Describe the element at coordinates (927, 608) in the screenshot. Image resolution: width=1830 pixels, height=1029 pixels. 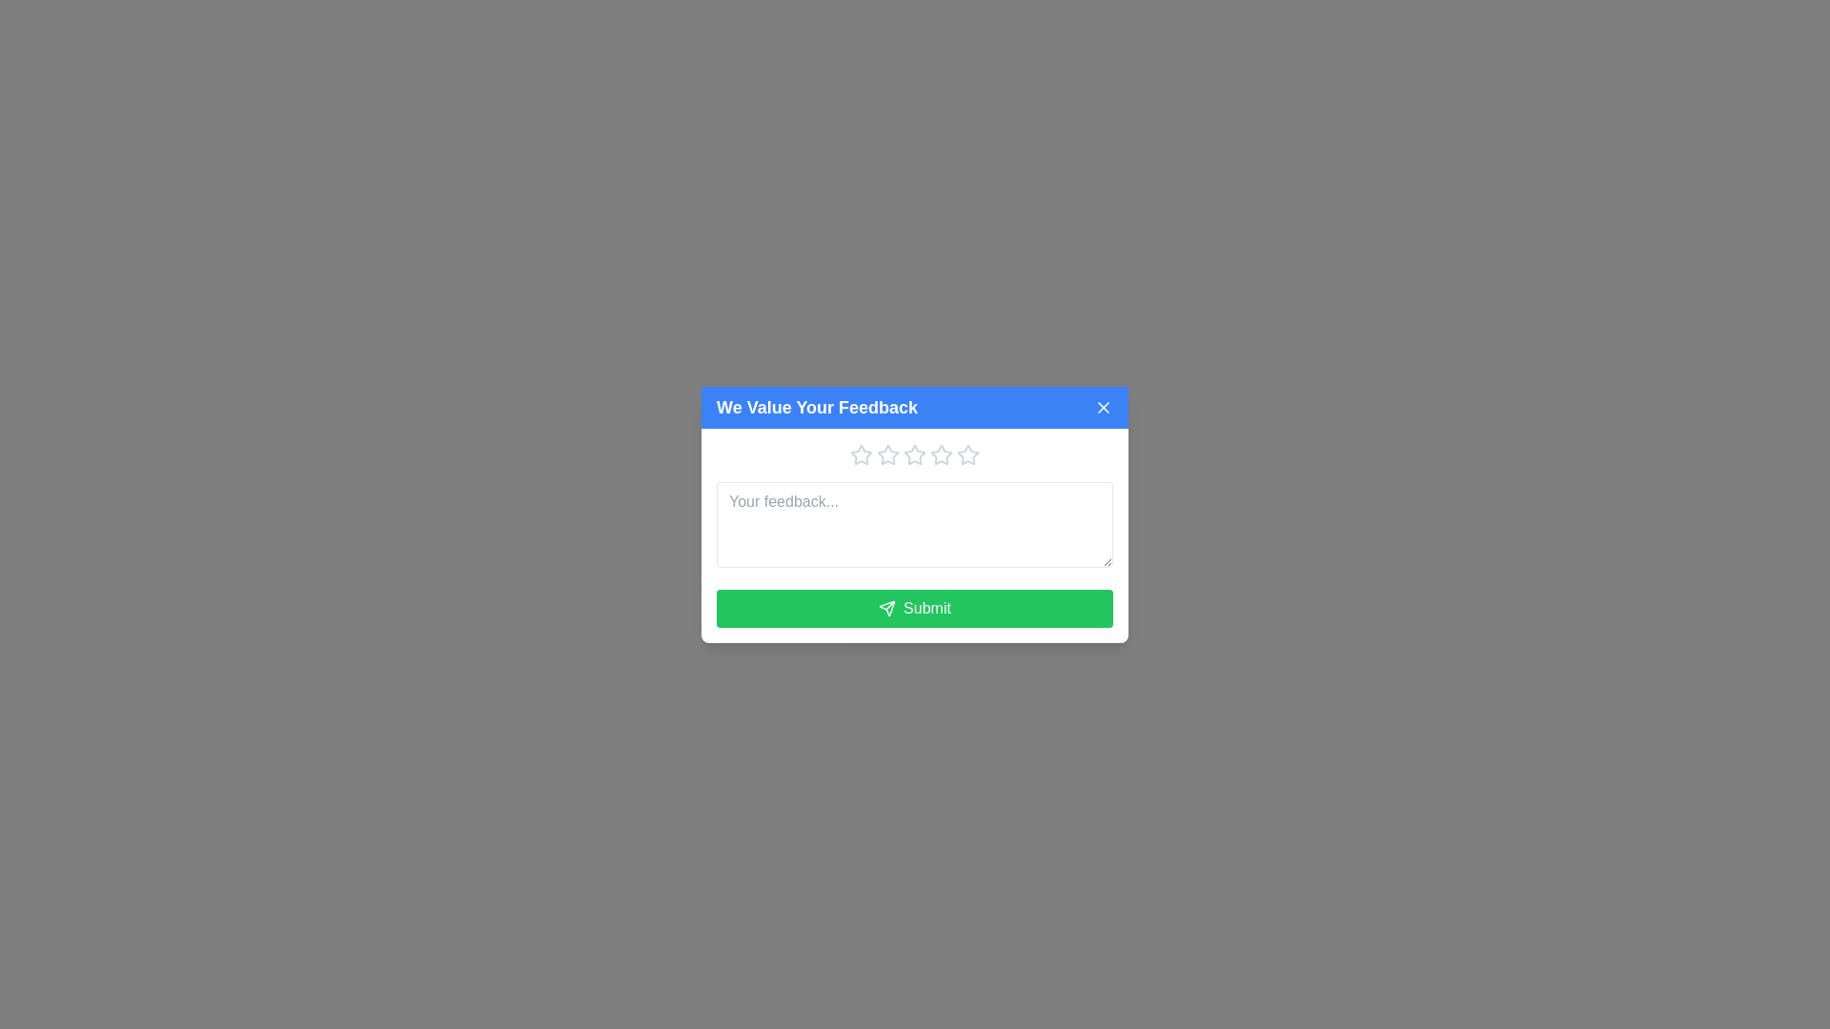
I see `the 'Submit' button, which is a text label centered within a green button at the bottom of the feedback modal, next to a paper plane icon` at that location.